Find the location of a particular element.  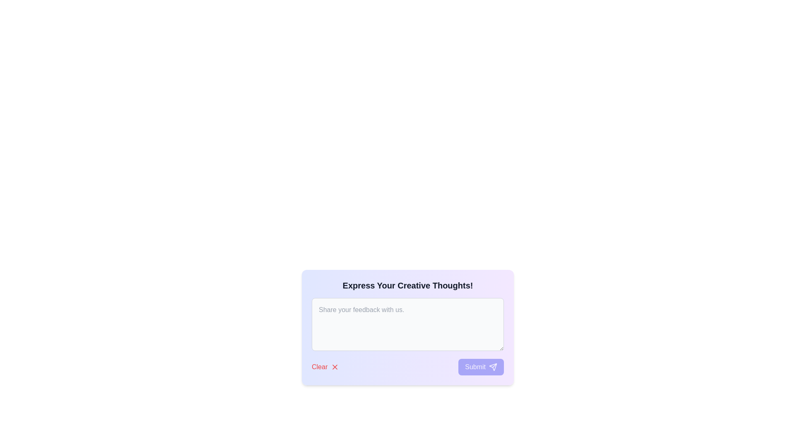

the static text heading that serves as a title or prompt for user feedback, positioned above the text input field and action buttons labeled 'Clear' and 'Submit' is located at coordinates (407, 285).